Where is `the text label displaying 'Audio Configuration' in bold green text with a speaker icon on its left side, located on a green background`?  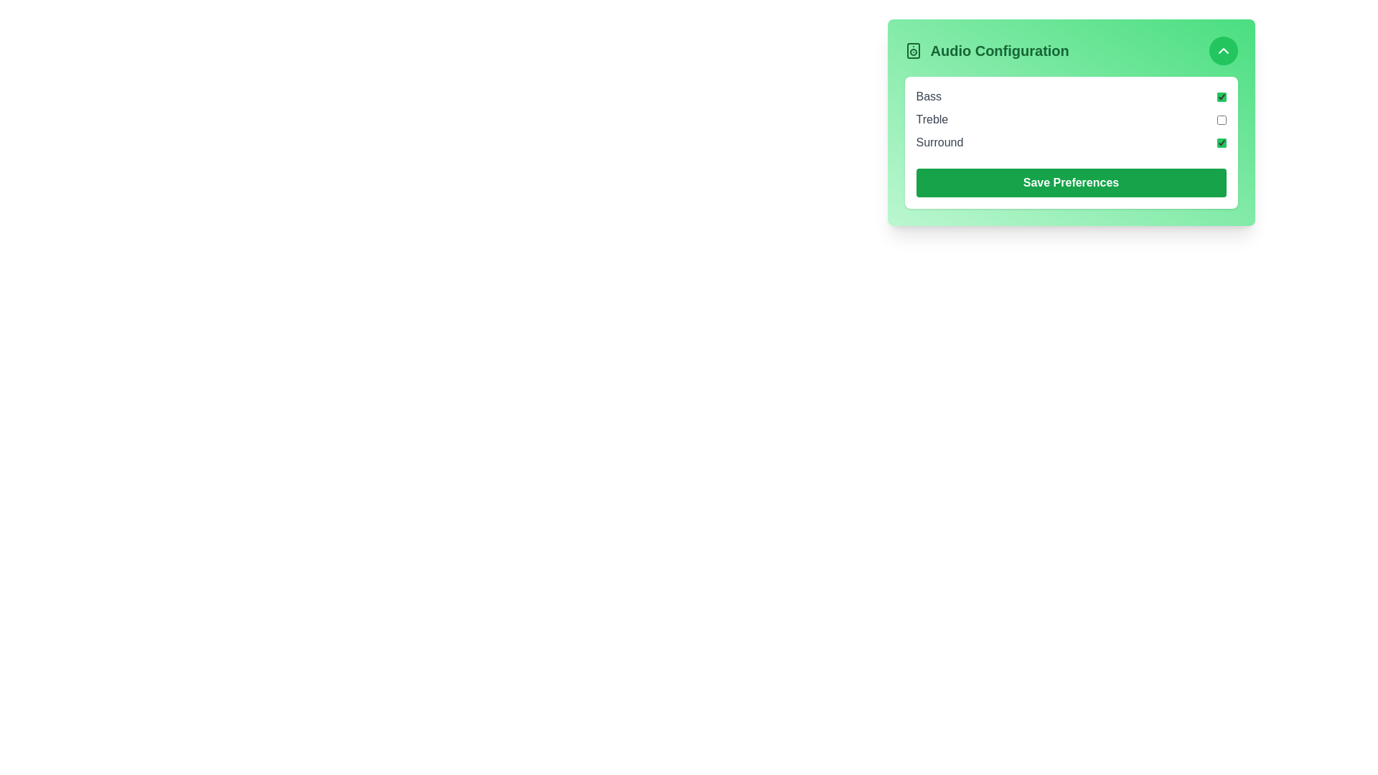
the text label displaying 'Audio Configuration' in bold green text with a speaker icon on its left side, located on a green background is located at coordinates (986, 50).